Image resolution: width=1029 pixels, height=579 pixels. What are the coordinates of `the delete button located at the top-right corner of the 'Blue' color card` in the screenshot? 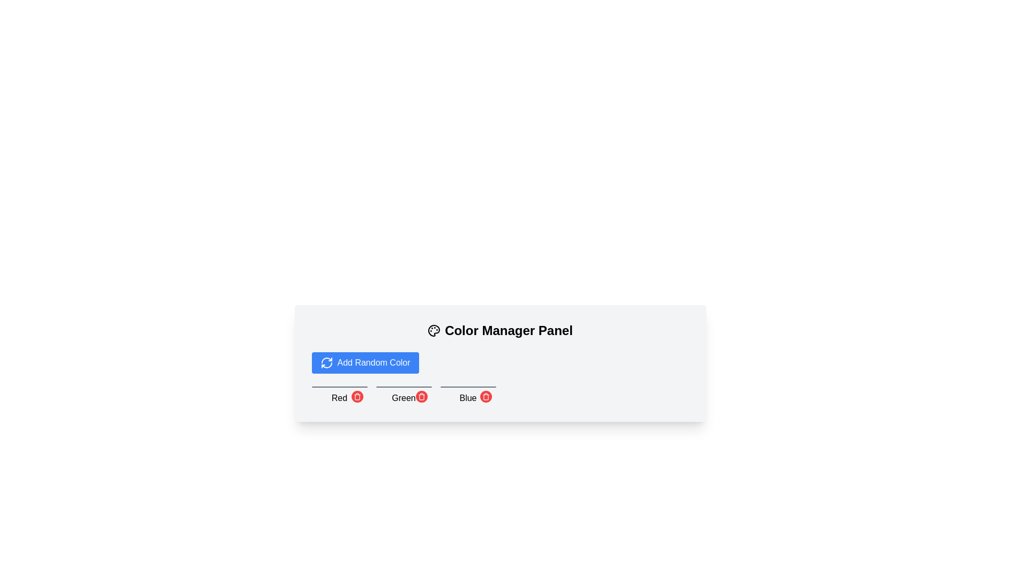 It's located at (485, 397).